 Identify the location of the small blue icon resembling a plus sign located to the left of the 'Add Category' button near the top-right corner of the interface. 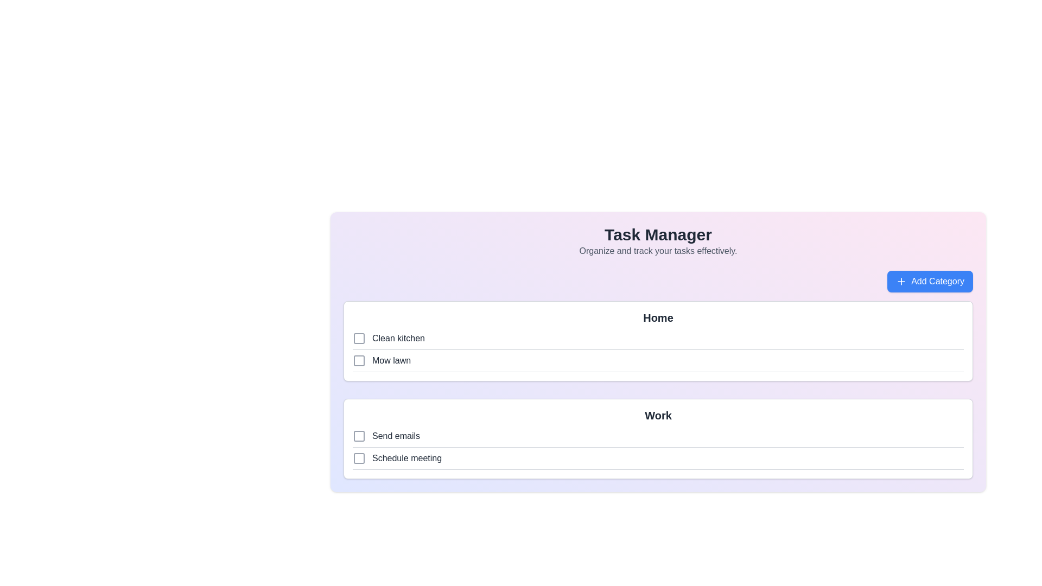
(901, 281).